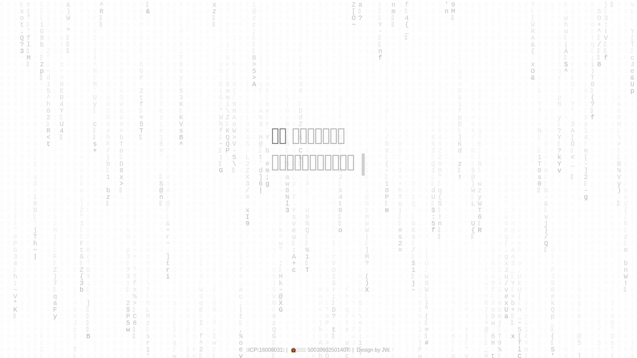 The height and width of the screenshot is (358, 637). I want to click on 'Design by JW.', so click(374, 349).